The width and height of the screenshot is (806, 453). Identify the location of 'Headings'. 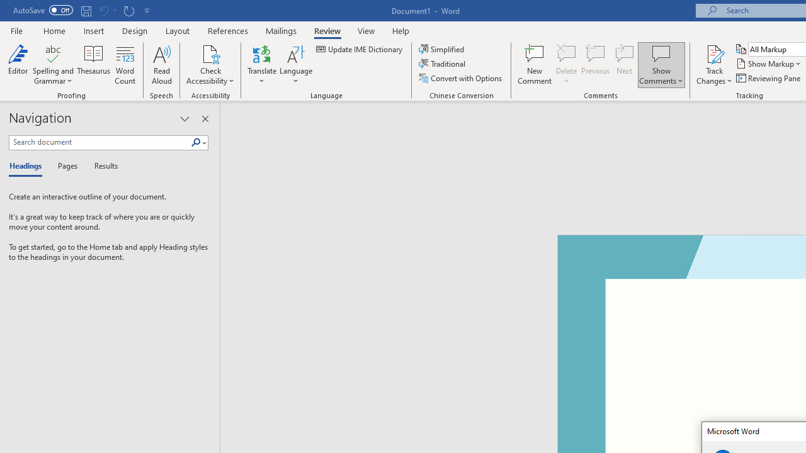
(28, 166).